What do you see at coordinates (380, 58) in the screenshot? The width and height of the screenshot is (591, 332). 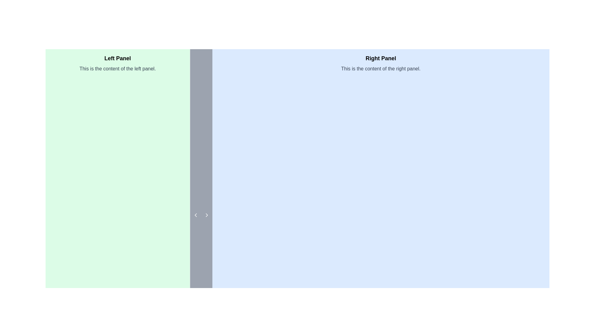 I see `text content of the header labeled 'Right Panel', which is positioned at the top of the right panel section of the interface` at bounding box center [380, 58].